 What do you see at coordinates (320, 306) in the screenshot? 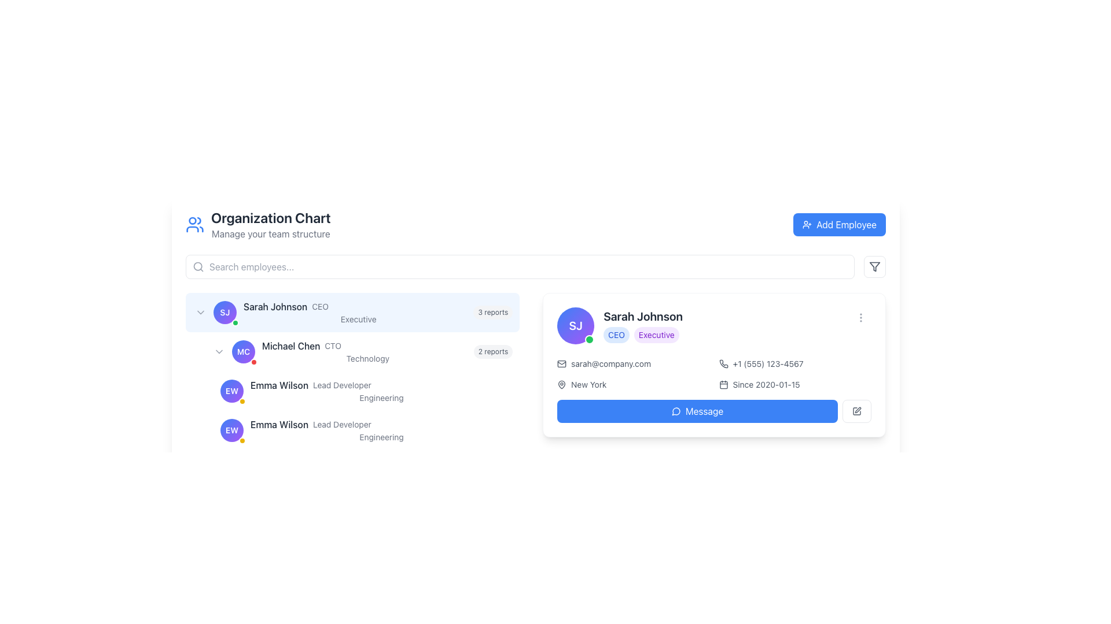
I see `the text label indicating 'CEO'` at bounding box center [320, 306].